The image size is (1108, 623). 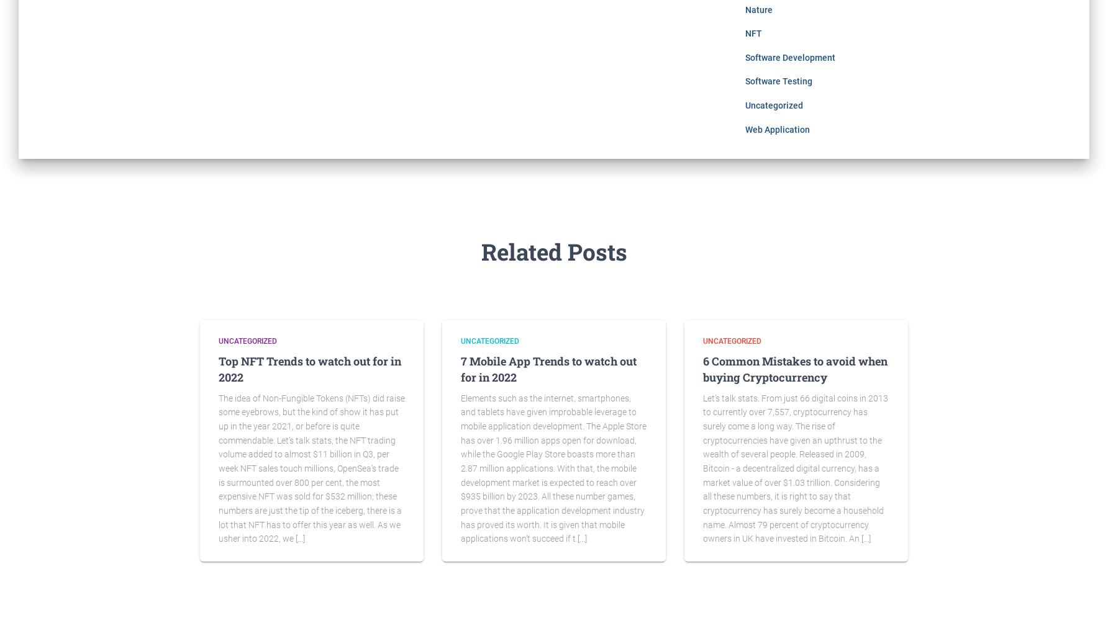 I want to click on 'Top NFT Trends to watch out for in 2022', so click(x=309, y=369).